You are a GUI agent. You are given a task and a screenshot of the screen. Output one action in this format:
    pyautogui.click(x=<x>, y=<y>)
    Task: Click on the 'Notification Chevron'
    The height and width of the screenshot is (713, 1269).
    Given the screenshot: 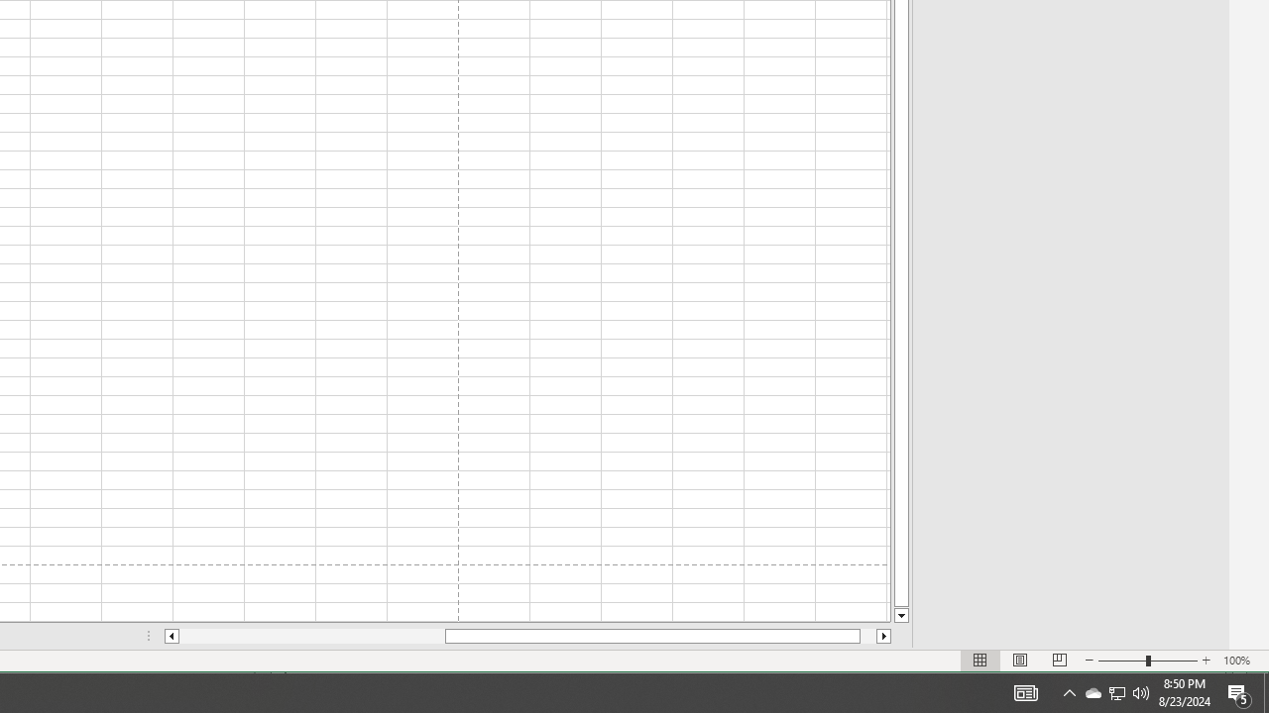 What is the action you would take?
    pyautogui.click(x=1025, y=691)
    